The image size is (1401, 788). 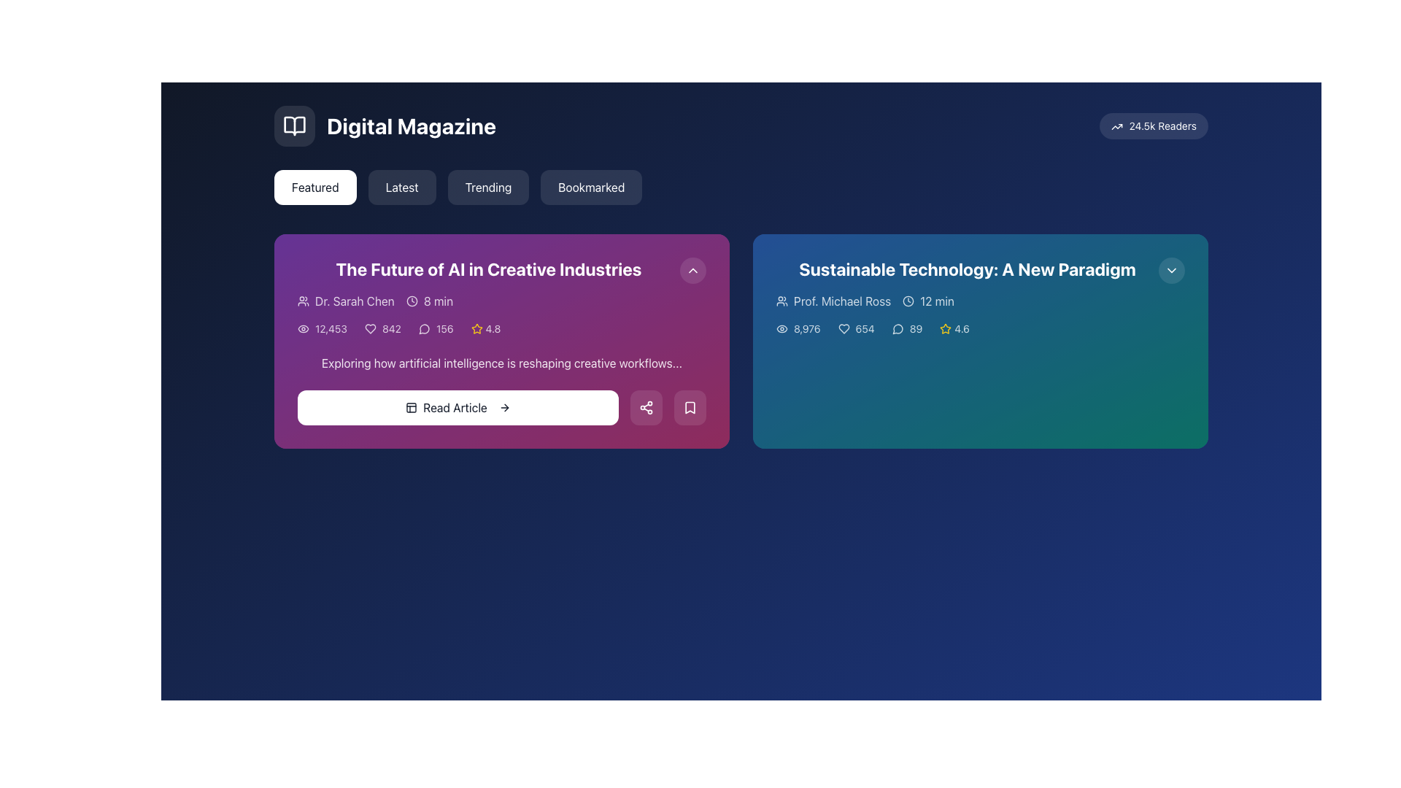 What do you see at coordinates (591, 187) in the screenshot?
I see `the 'Bookmarked' button, which is a rectangular button with rounded corners and a dark blue background` at bounding box center [591, 187].